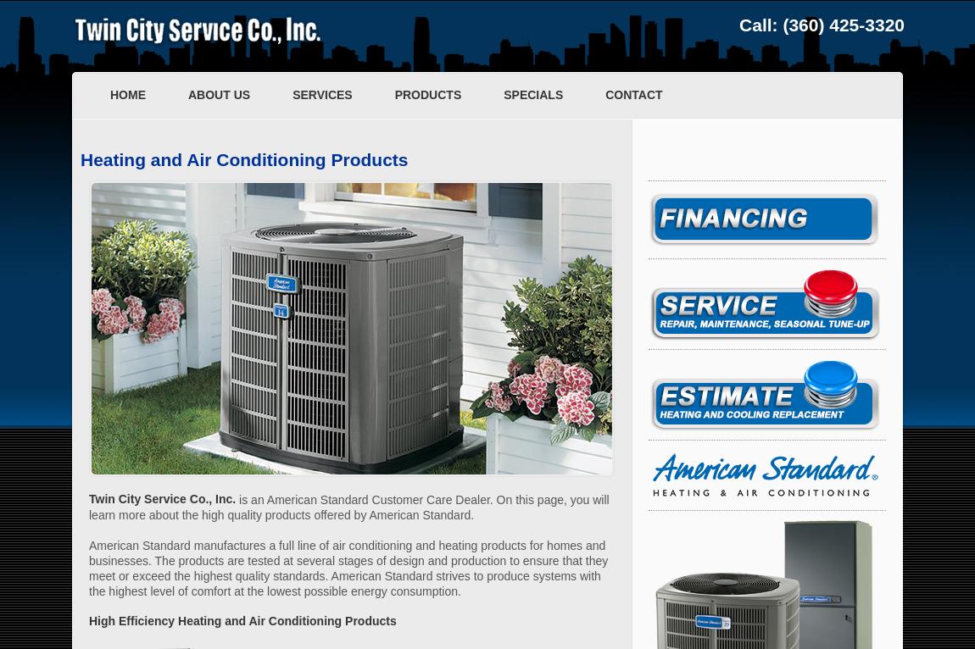  What do you see at coordinates (427, 93) in the screenshot?
I see `'PRODUCTS'` at bounding box center [427, 93].